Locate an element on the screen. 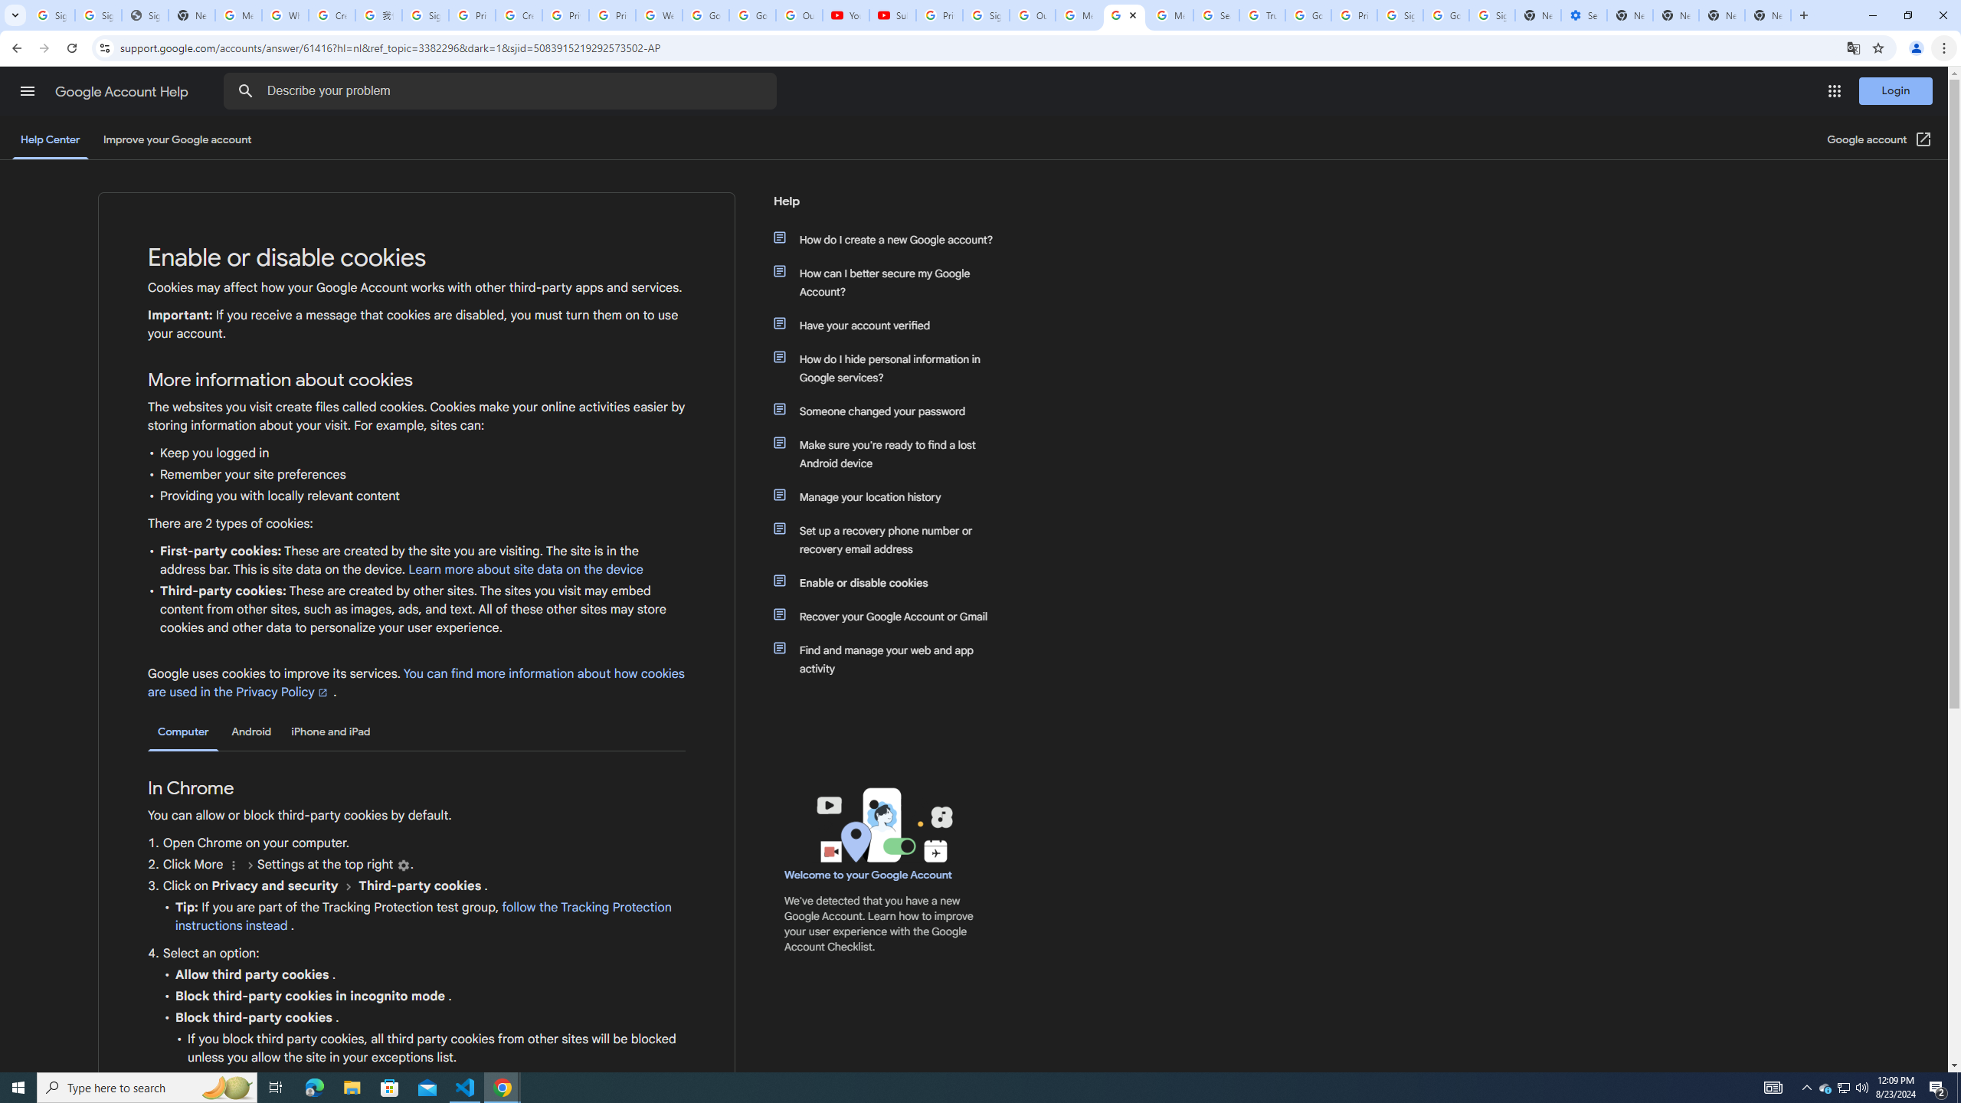  'How do I hide personal information in Google services?' is located at coordinates (890, 367).